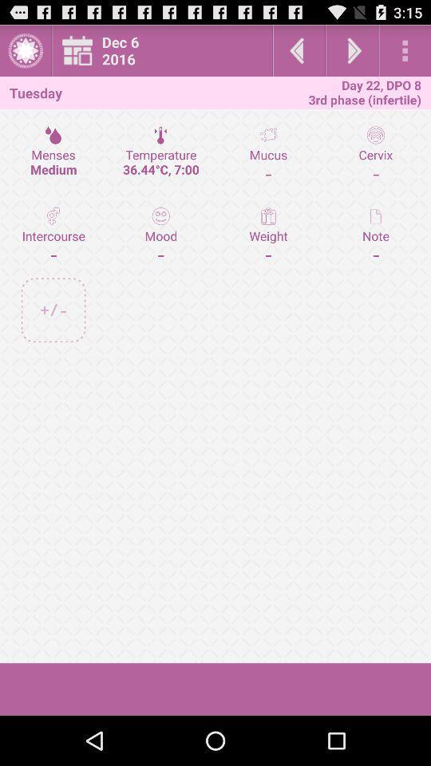 This screenshot has height=766, width=431. I want to click on cervix, so click(375, 154).